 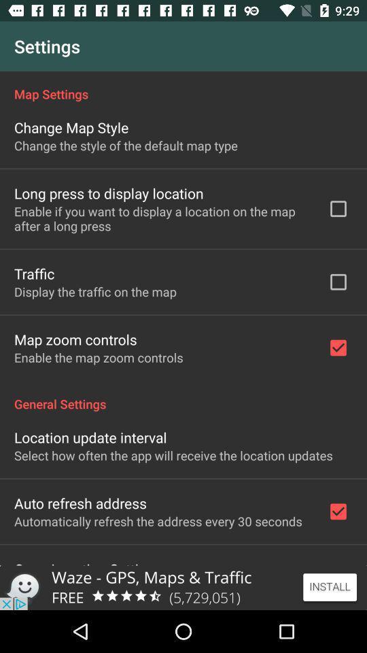 I want to click on the automatically refresh the item, so click(x=157, y=520).